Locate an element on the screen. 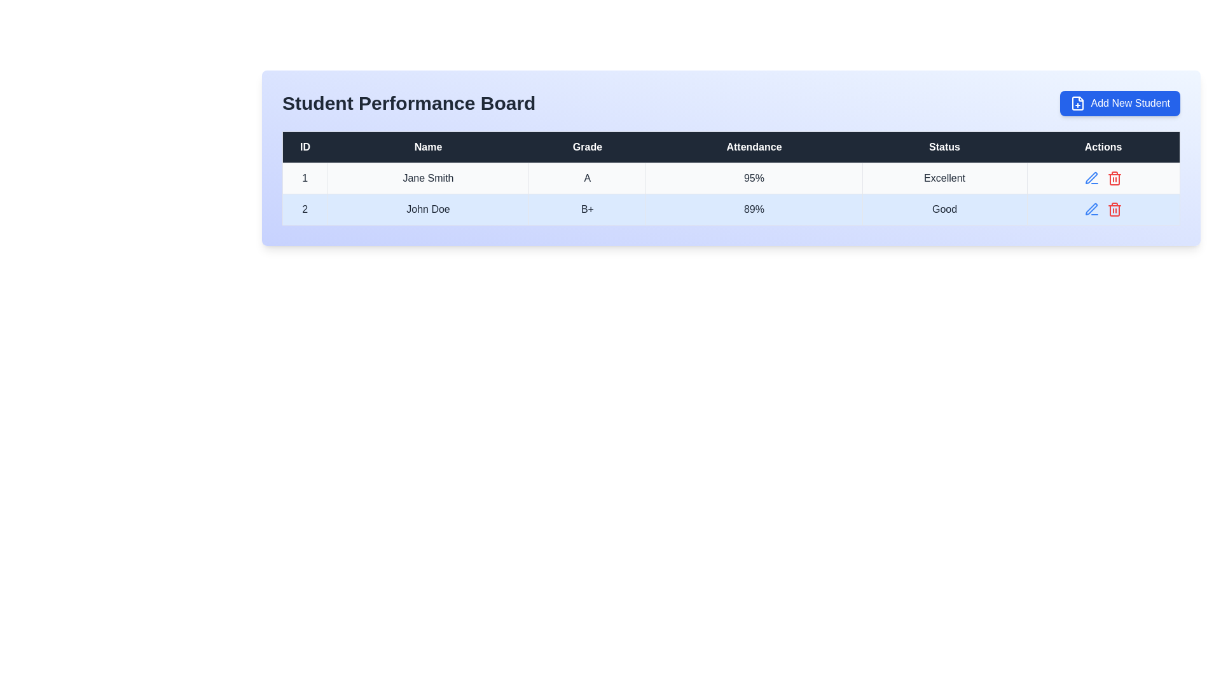  the separator element located between the edit icon and delete icon in the 'Actions' column for the student 'John Doe' is located at coordinates (1103, 209).